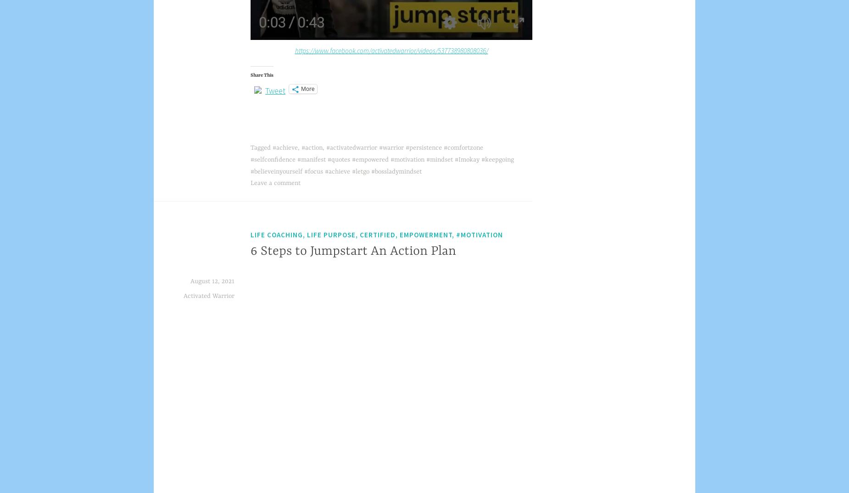  I want to click on 'Life coaching, life purpose, certified, empowerment, #motivation', so click(377, 234).